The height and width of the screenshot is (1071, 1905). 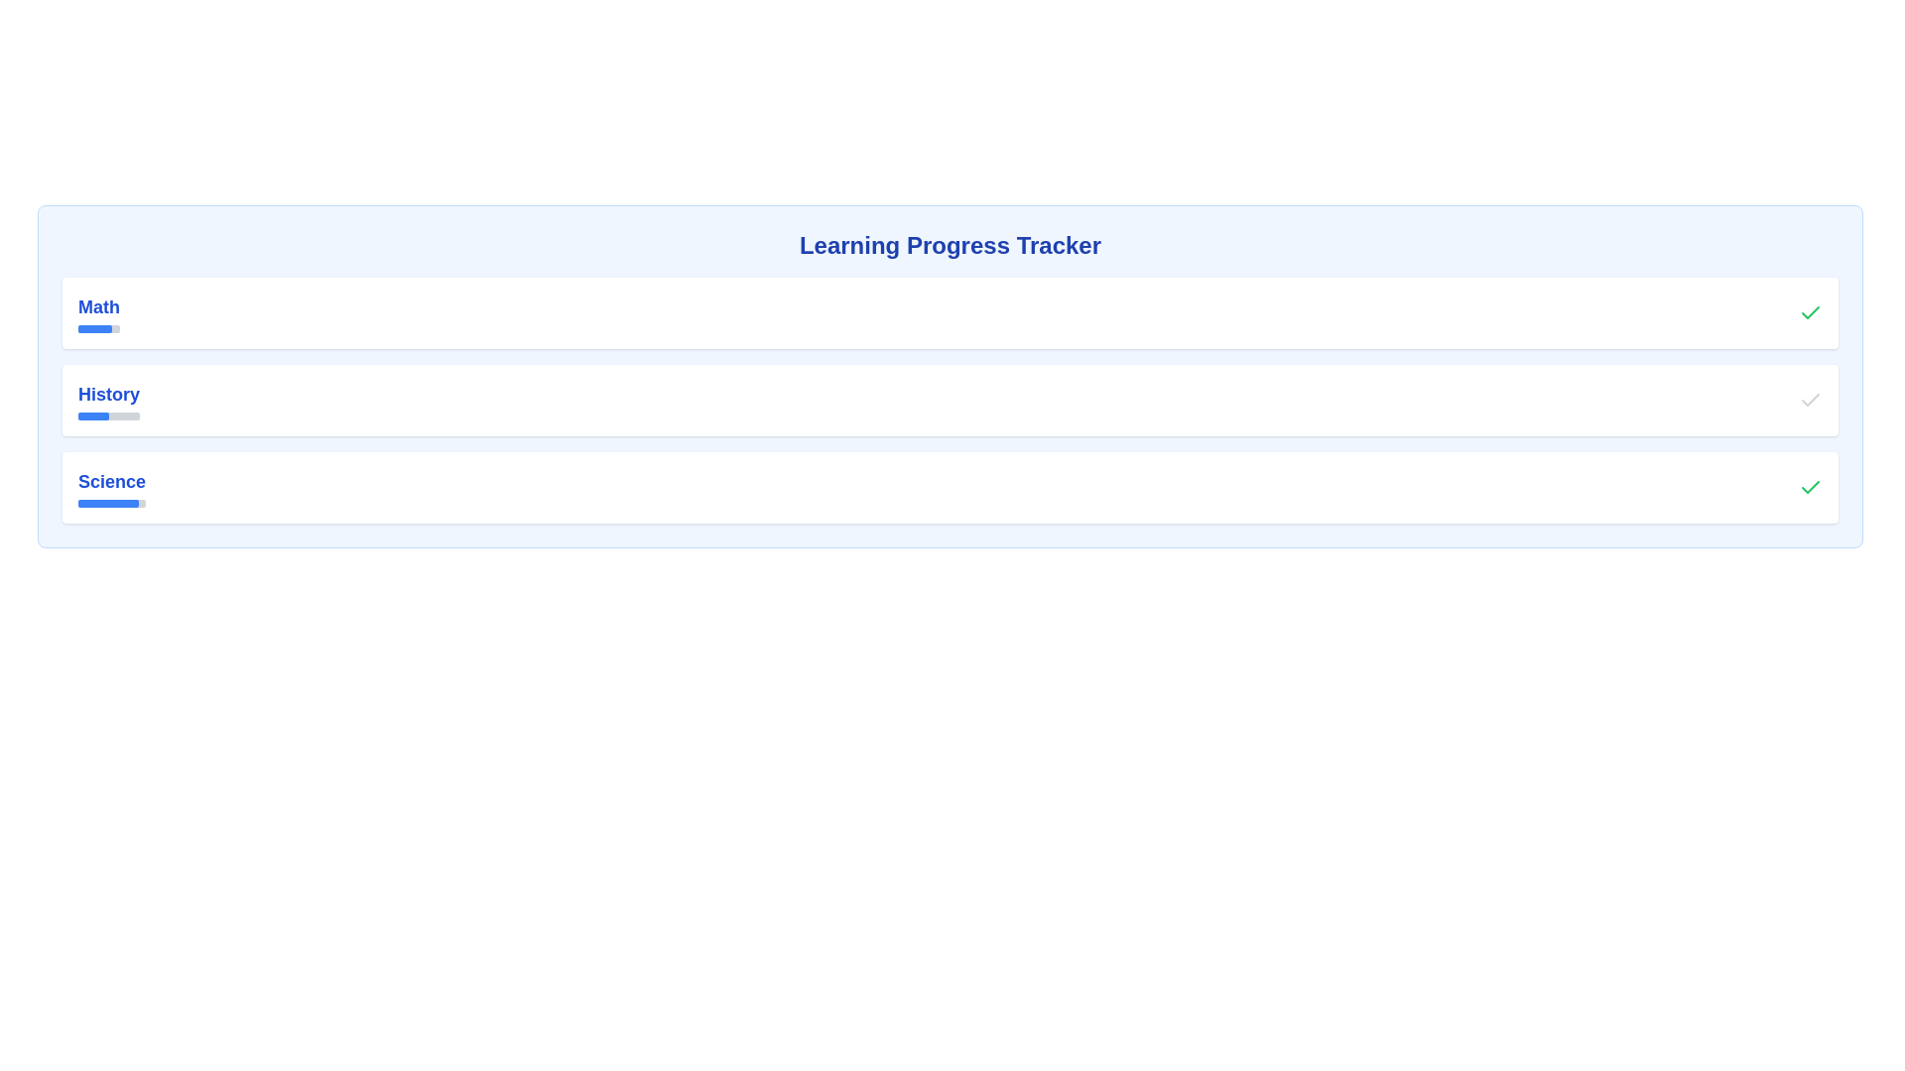 I want to click on the progress bar indicating the completion percentage of the 'Science' task, located at the bottom row of the progress trackers, so click(x=111, y=503).